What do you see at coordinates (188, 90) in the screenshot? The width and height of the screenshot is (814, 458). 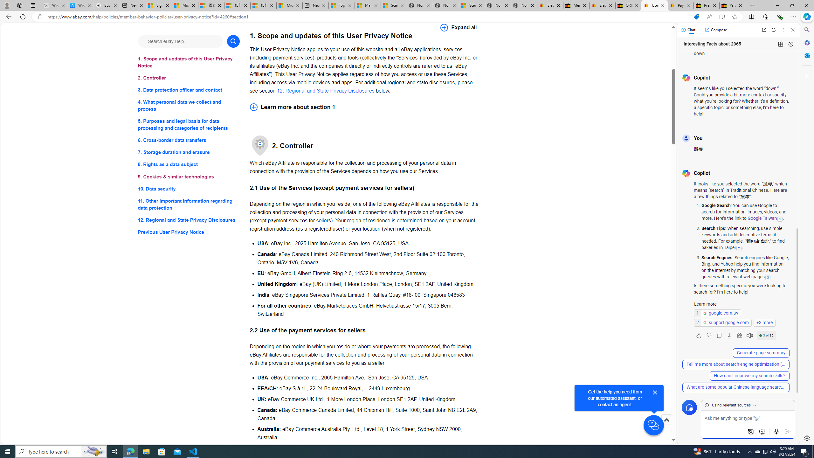 I see `'3. Data protection officer and contact'` at bounding box center [188, 90].